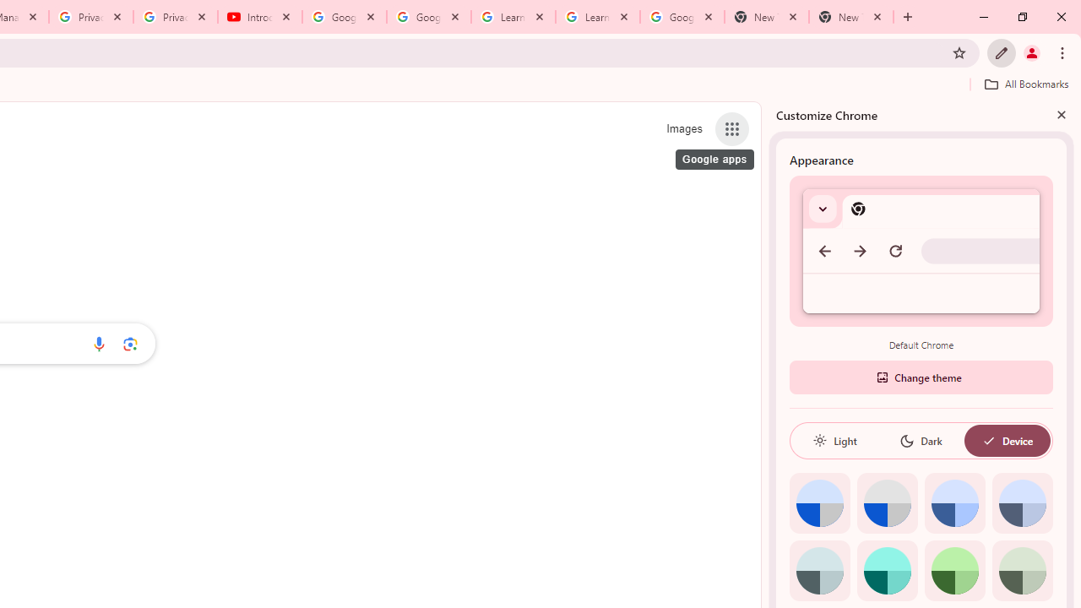 This screenshot has height=608, width=1081. I want to click on 'Change theme', so click(920, 377).